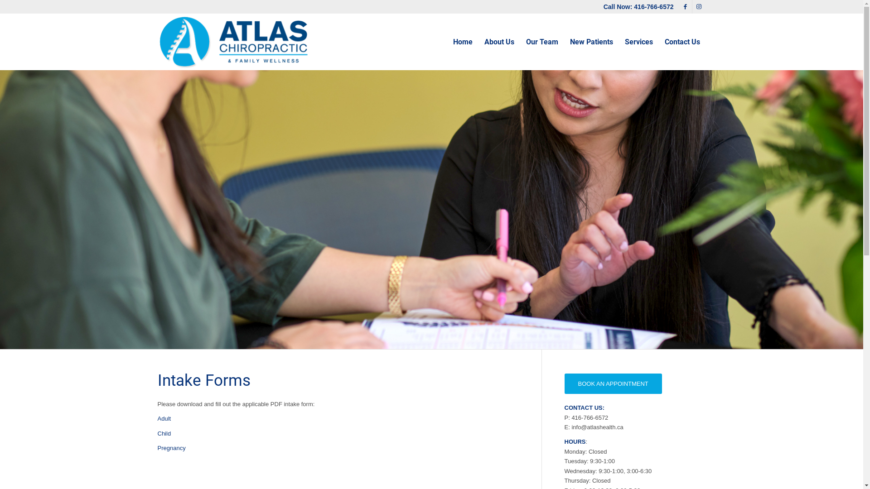 The width and height of the screenshot is (870, 489). I want to click on 'Services', so click(638, 42).